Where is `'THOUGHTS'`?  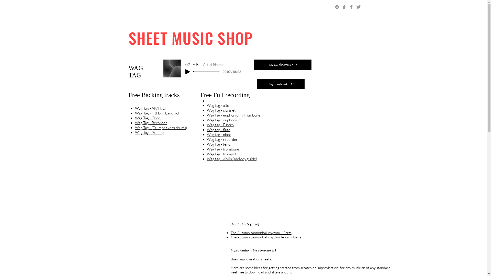
'THOUGHTS' is located at coordinates (261, 7).